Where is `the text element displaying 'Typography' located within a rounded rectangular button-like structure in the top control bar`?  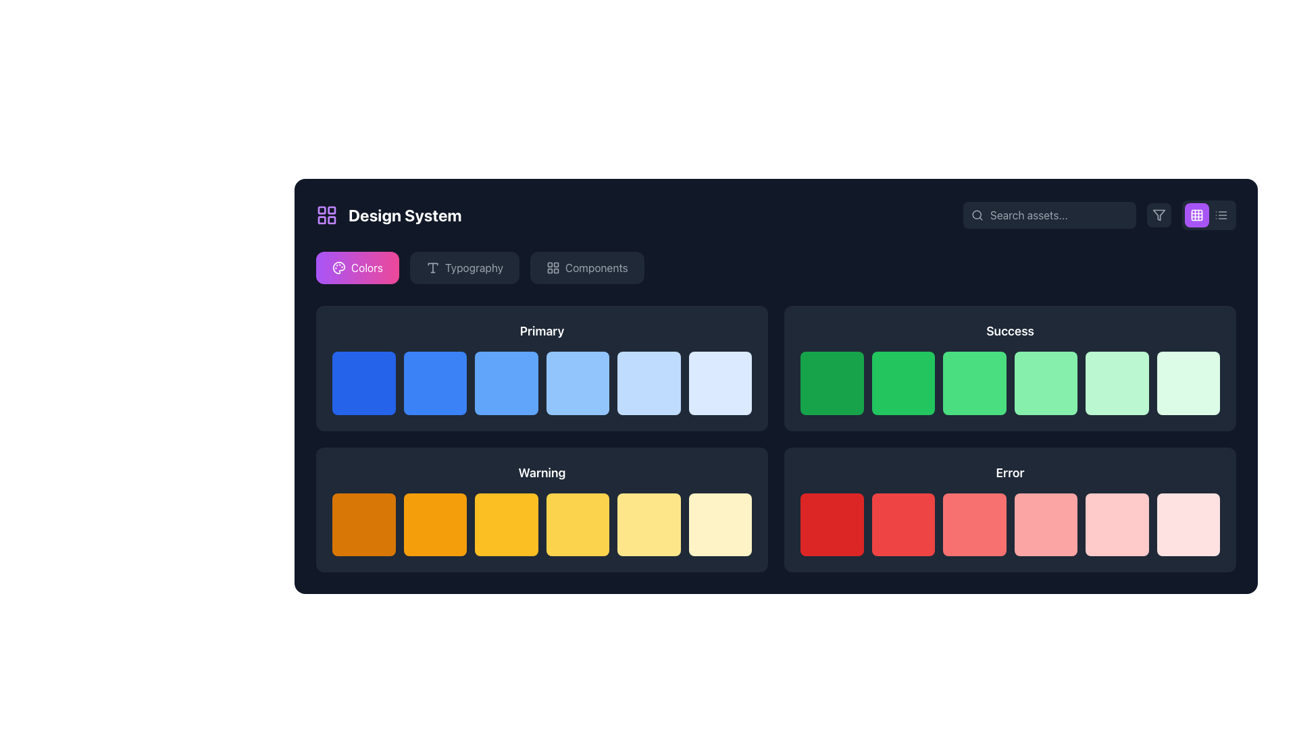
the text element displaying 'Typography' located within a rounded rectangular button-like structure in the top control bar is located at coordinates (474, 268).